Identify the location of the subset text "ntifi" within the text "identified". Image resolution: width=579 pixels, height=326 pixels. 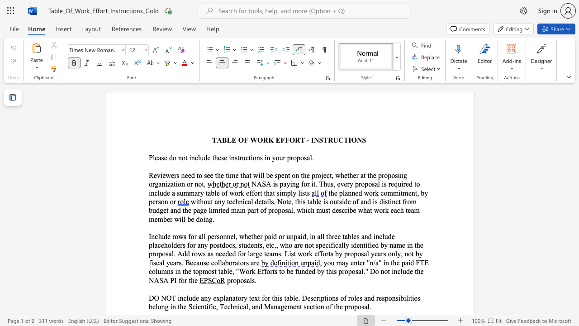
(359, 245).